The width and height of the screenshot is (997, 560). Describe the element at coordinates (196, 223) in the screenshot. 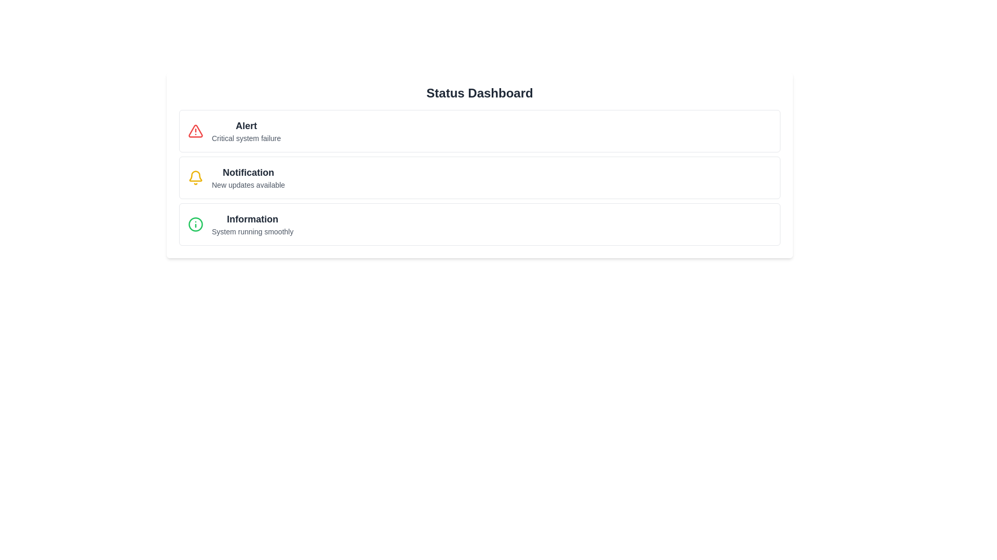

I see `the circular green-bordered icon with an 'i' symbol that represents information, located on the leftmost side of the 'Information' section in a vertical list` at that location.